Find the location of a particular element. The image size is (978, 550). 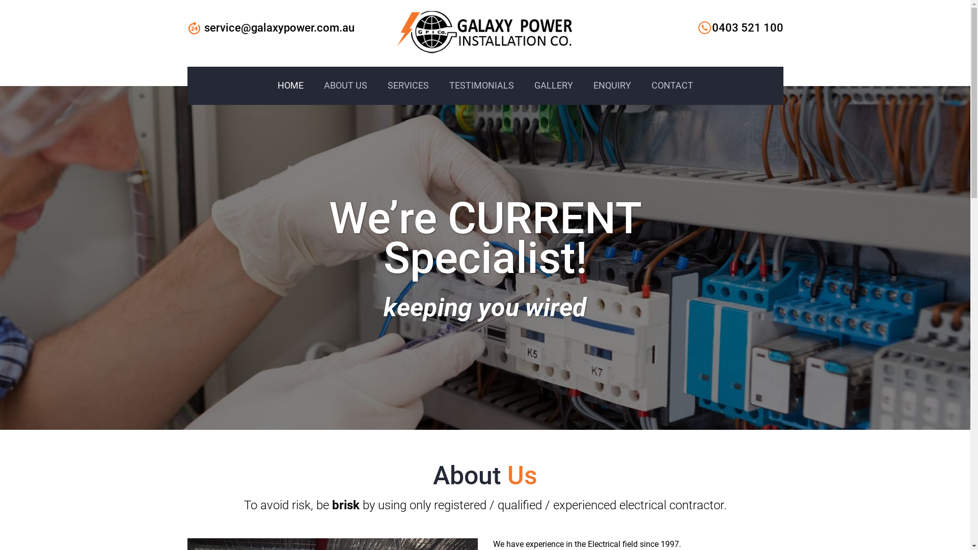

'SERVICES' is located at coordinates (407, 85).